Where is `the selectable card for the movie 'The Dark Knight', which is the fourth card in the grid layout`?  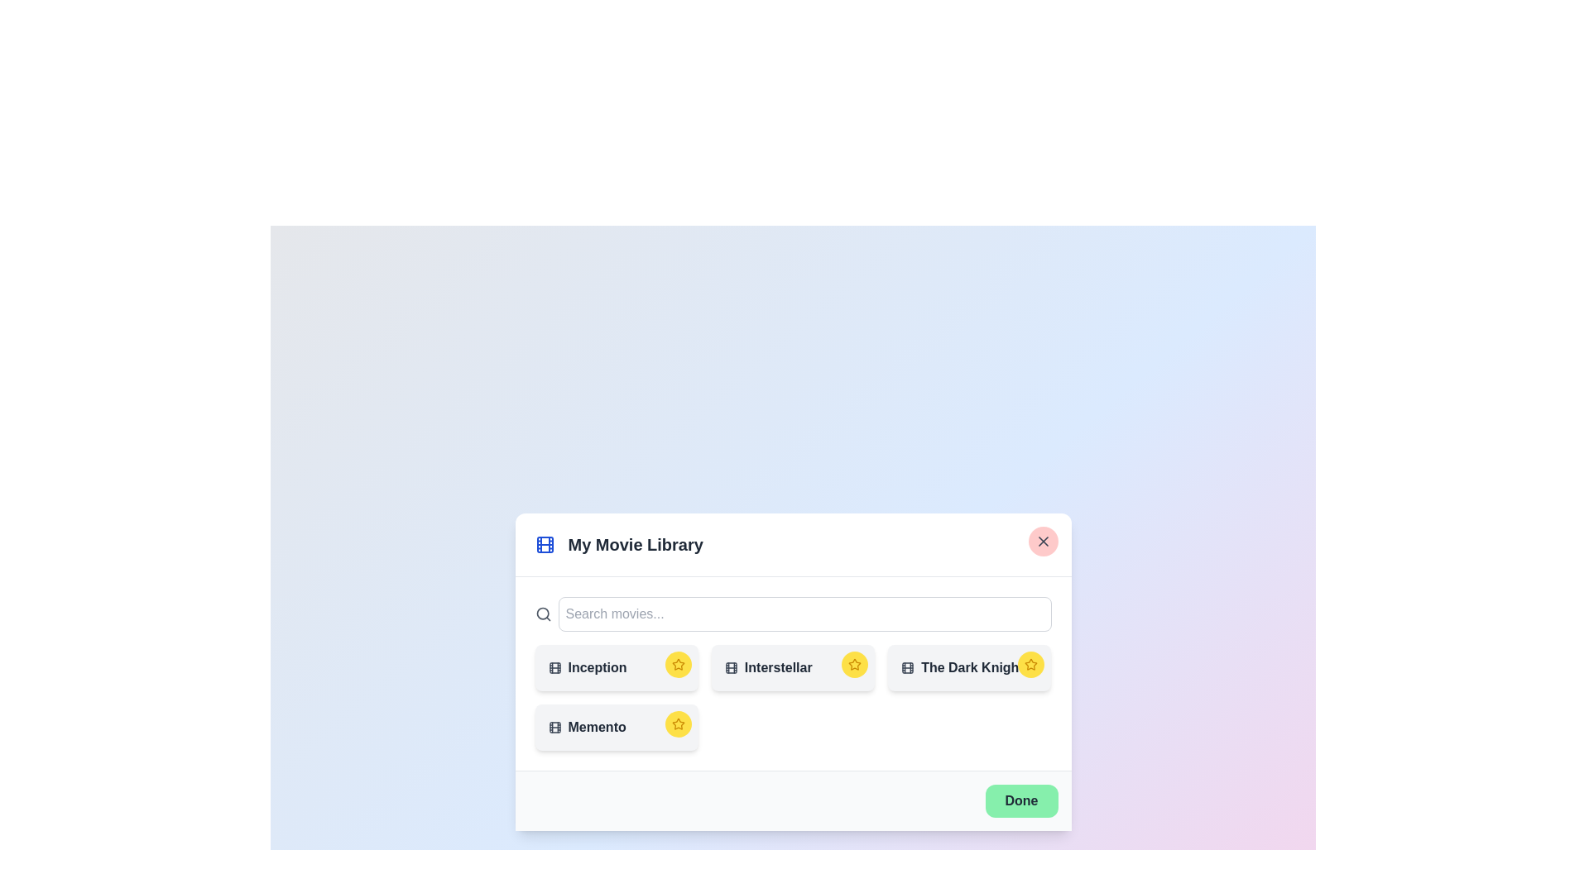
the selectable card for the movie 'The Dark Knight', which is the fourth card in the grid layout is located at coordinates (969, 666).